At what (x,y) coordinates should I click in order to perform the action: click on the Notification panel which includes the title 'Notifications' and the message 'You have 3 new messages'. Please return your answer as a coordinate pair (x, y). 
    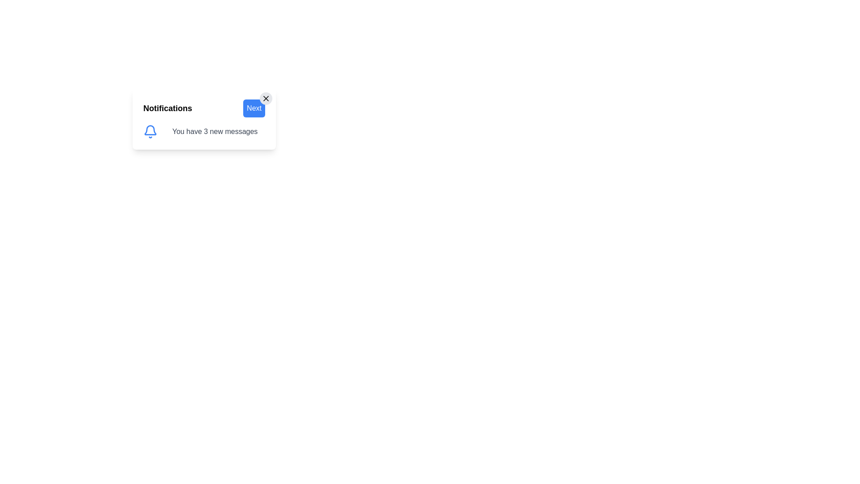
    Looking at the image, I should click on (204, 119).